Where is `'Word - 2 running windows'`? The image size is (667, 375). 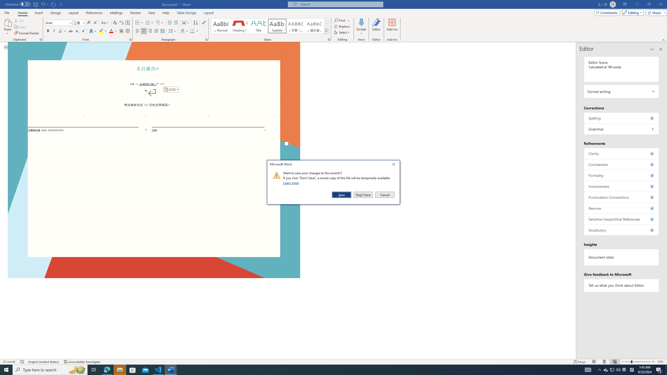
'Word - 2 running windows' is located at coordinates (171, 369).